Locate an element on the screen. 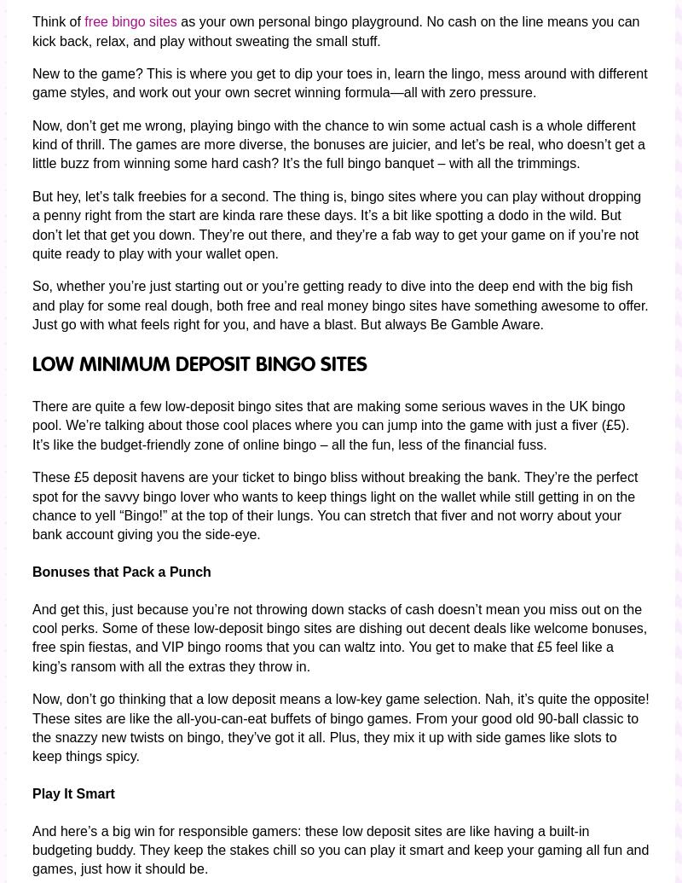  'New to the game? This is where you get to dip your toes in, learn the lingo, mess around with different game styles, and work out your own secret winning formula—all with zero pressure.' is located at coordinates (338, 82).